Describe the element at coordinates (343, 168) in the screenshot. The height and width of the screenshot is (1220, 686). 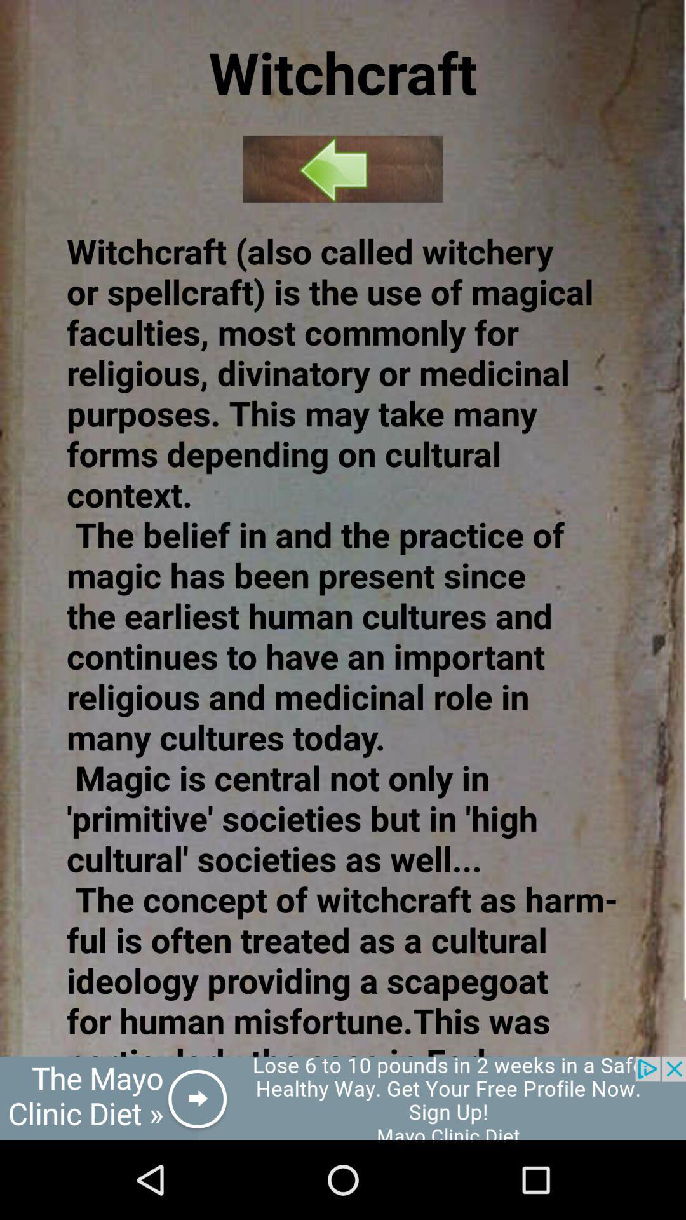
I see `next` at that location.